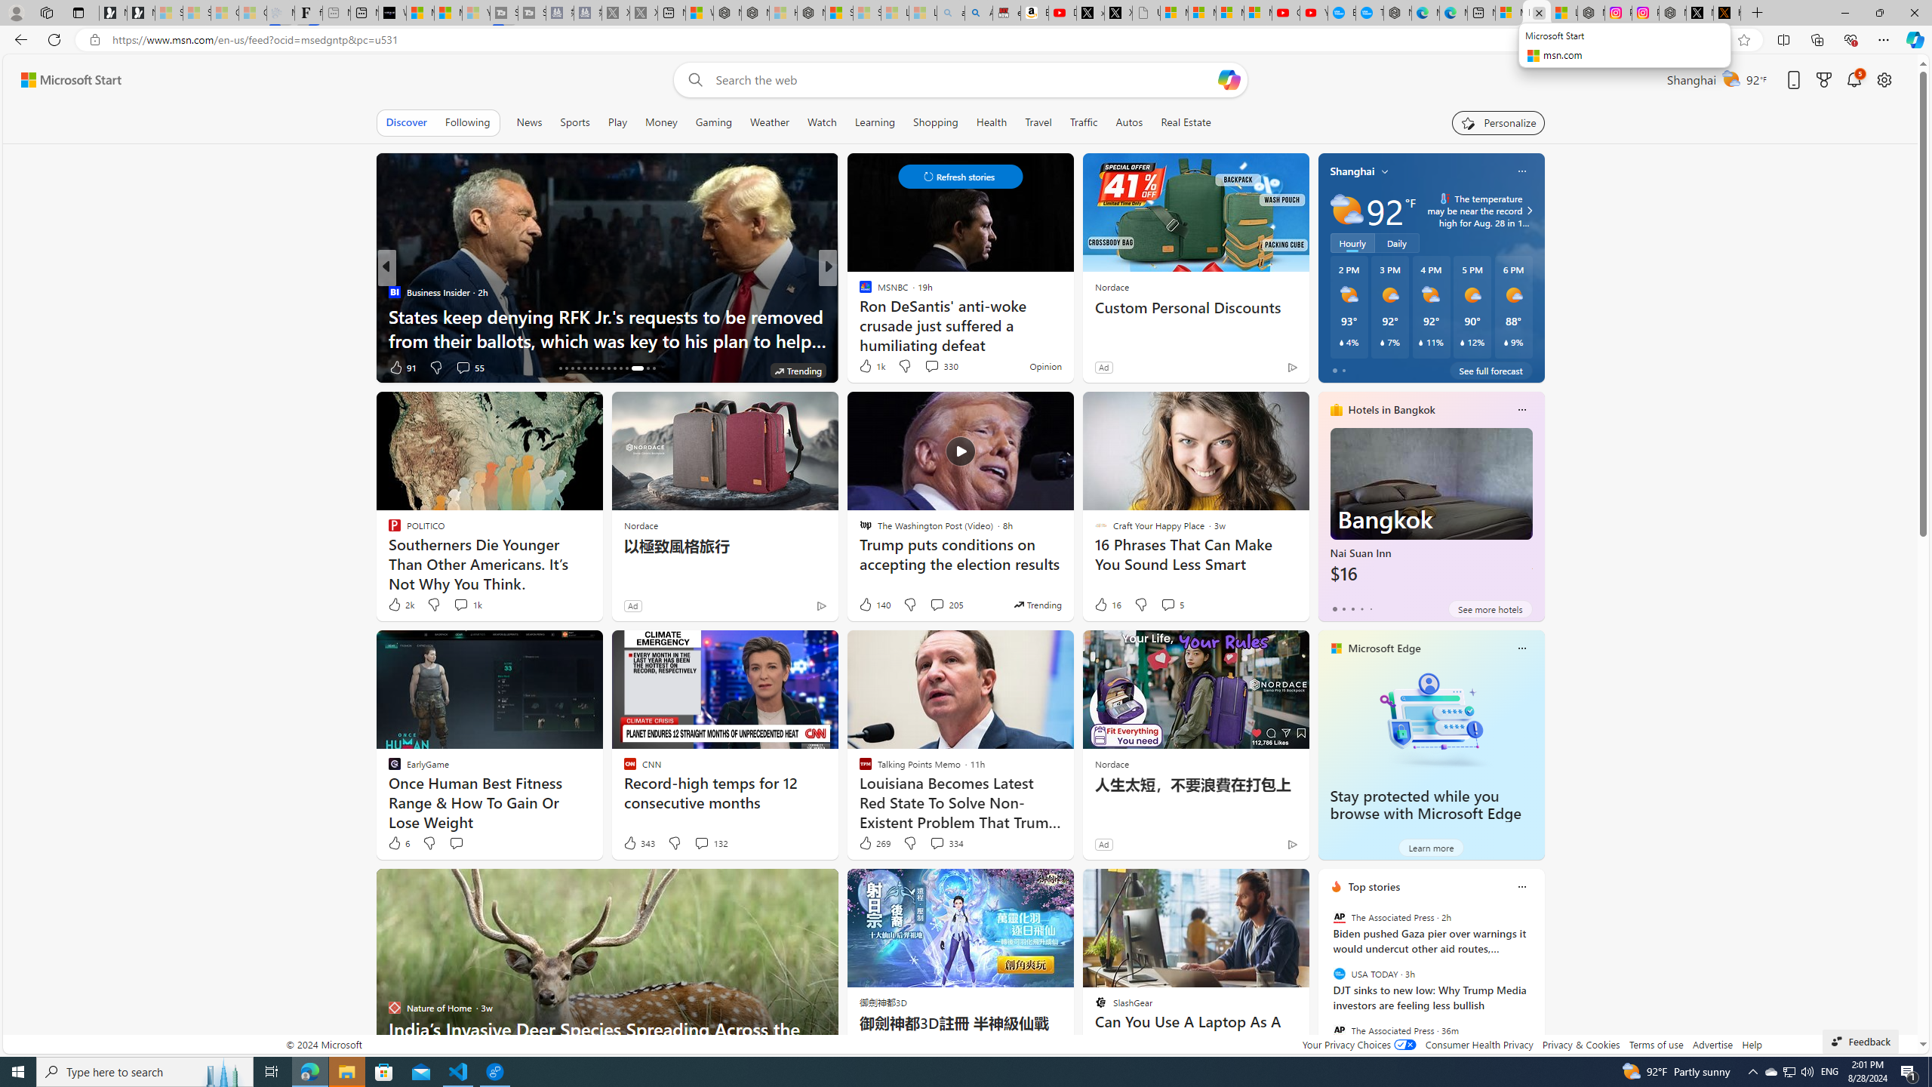 The height and width of the screenshot is (1087, 1932). What do you see at coordinates (1384, 170) in the screenshot?
I see `'My location'` at bounding box center [1384, 170].